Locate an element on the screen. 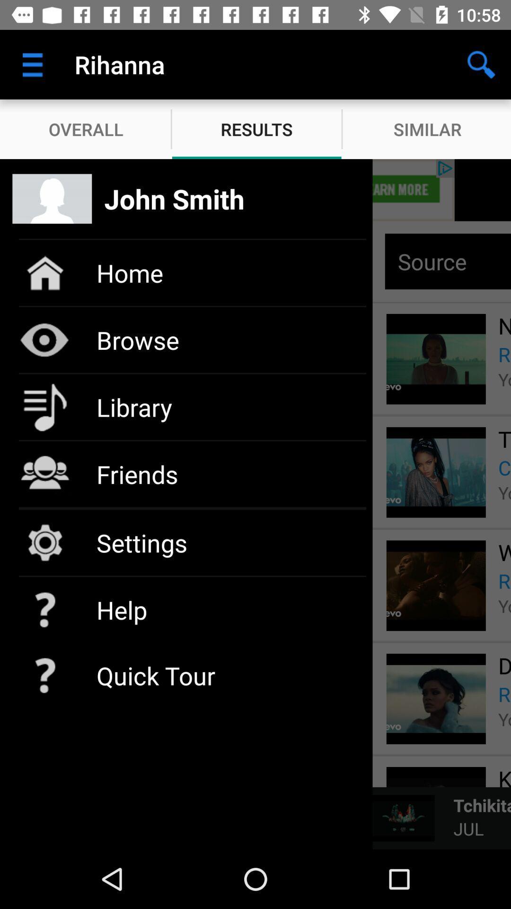  profile is located at coordinates (255, 189).